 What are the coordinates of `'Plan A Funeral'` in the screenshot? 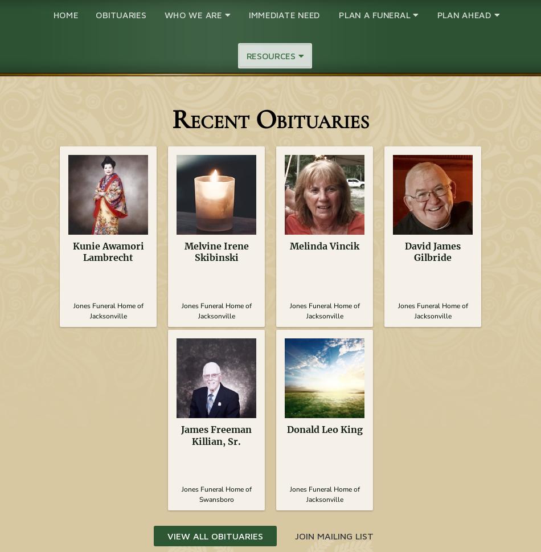 It's located at (375, 14).